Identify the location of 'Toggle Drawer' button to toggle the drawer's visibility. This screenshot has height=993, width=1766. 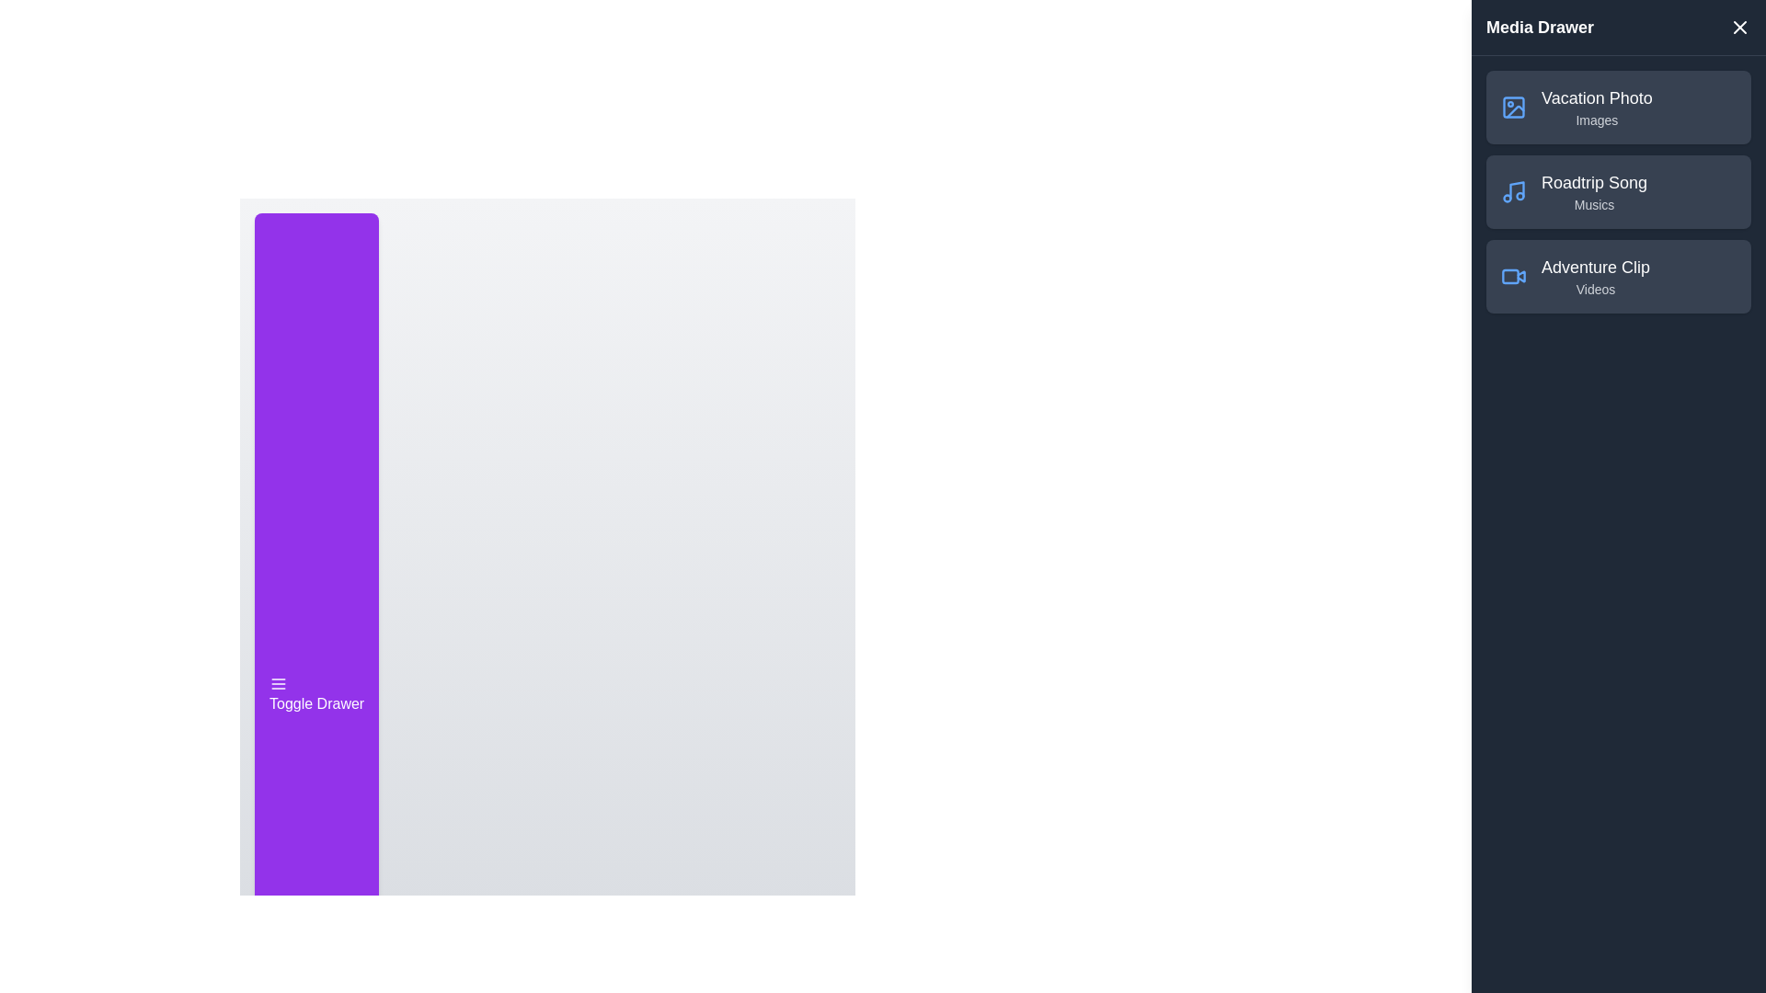
(316, 695).